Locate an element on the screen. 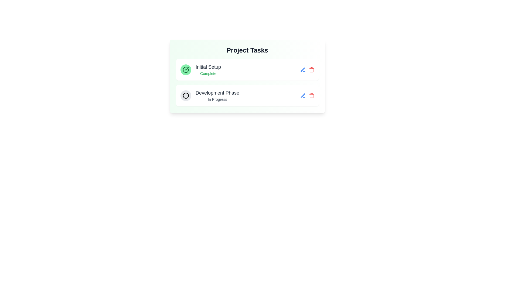 This screenshot has height=291, width=518. the displayed text of the 'Initial Setup' task in the task list interface, which shows 'Complete' below it is located at coordinates (208, 69).